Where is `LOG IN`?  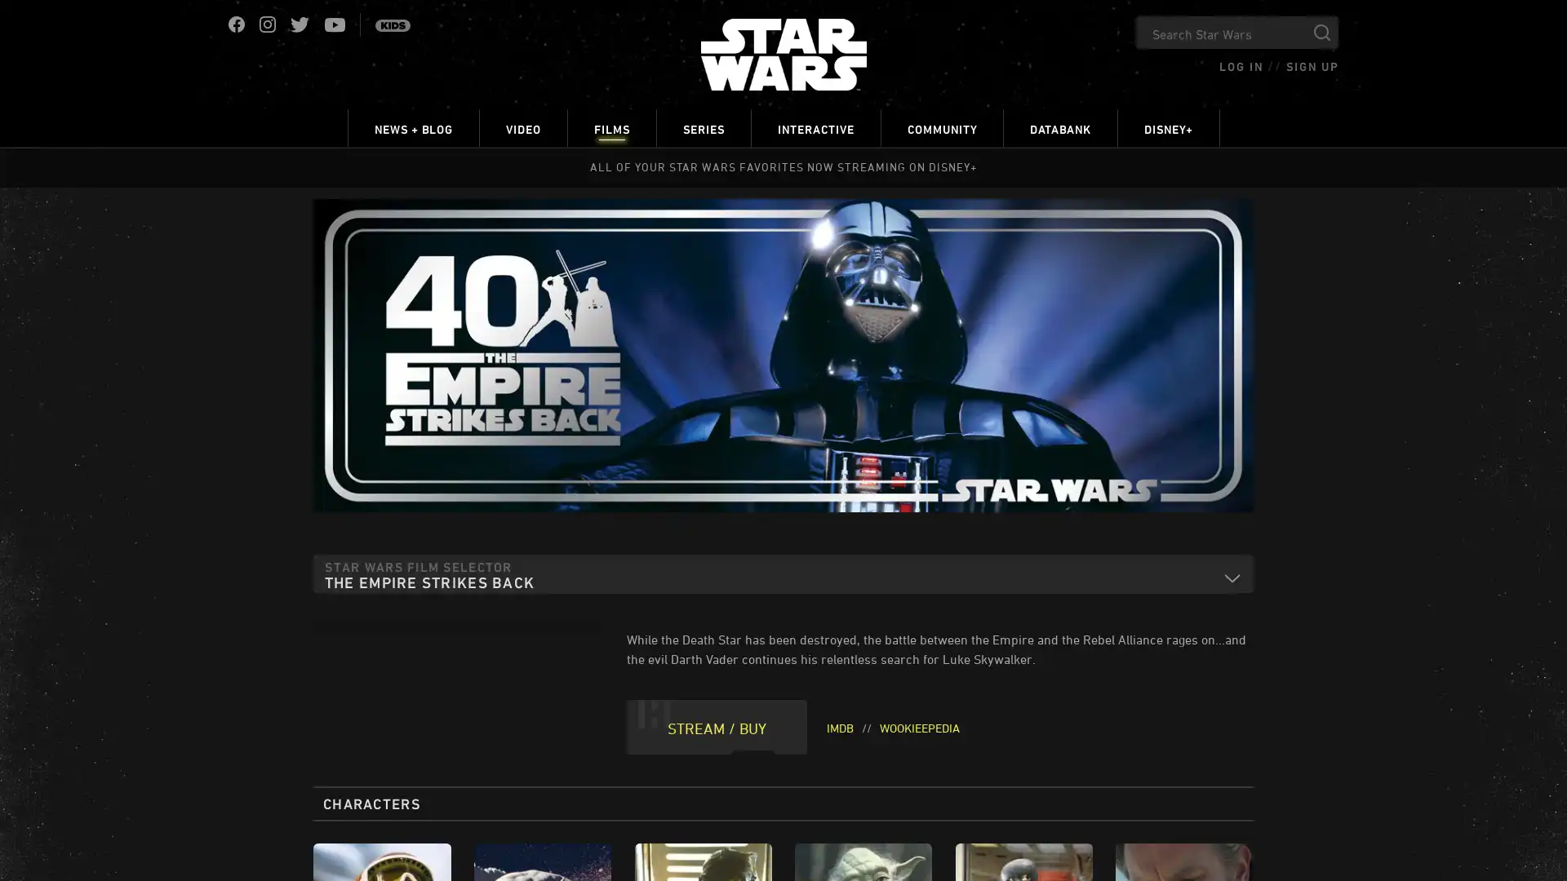 LOG IN is located at coordinates (1241, 65).